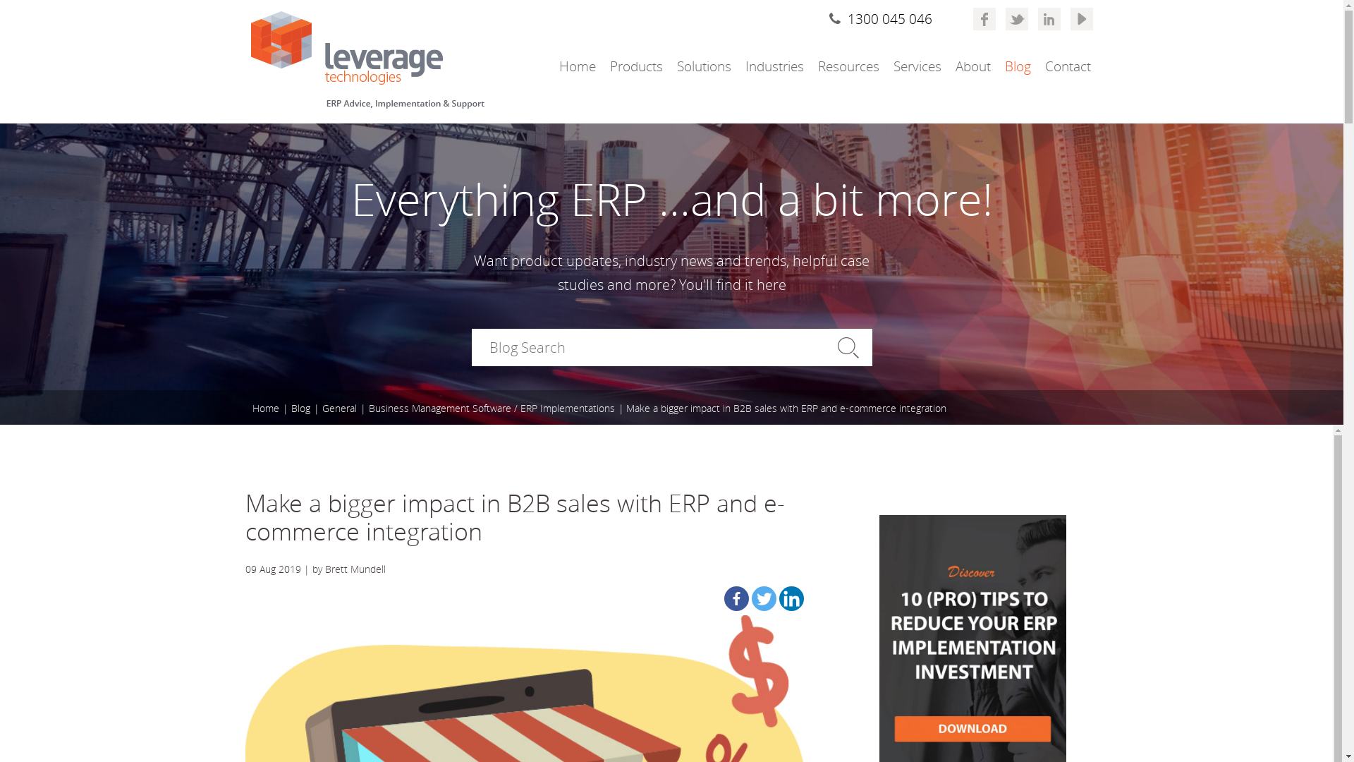 The width and height of the screenshot is (1354, 762). What do you see at coordinates (1045, 66) in the screenshot?
I see `'Contact'` at bounding box center [1045, 66].